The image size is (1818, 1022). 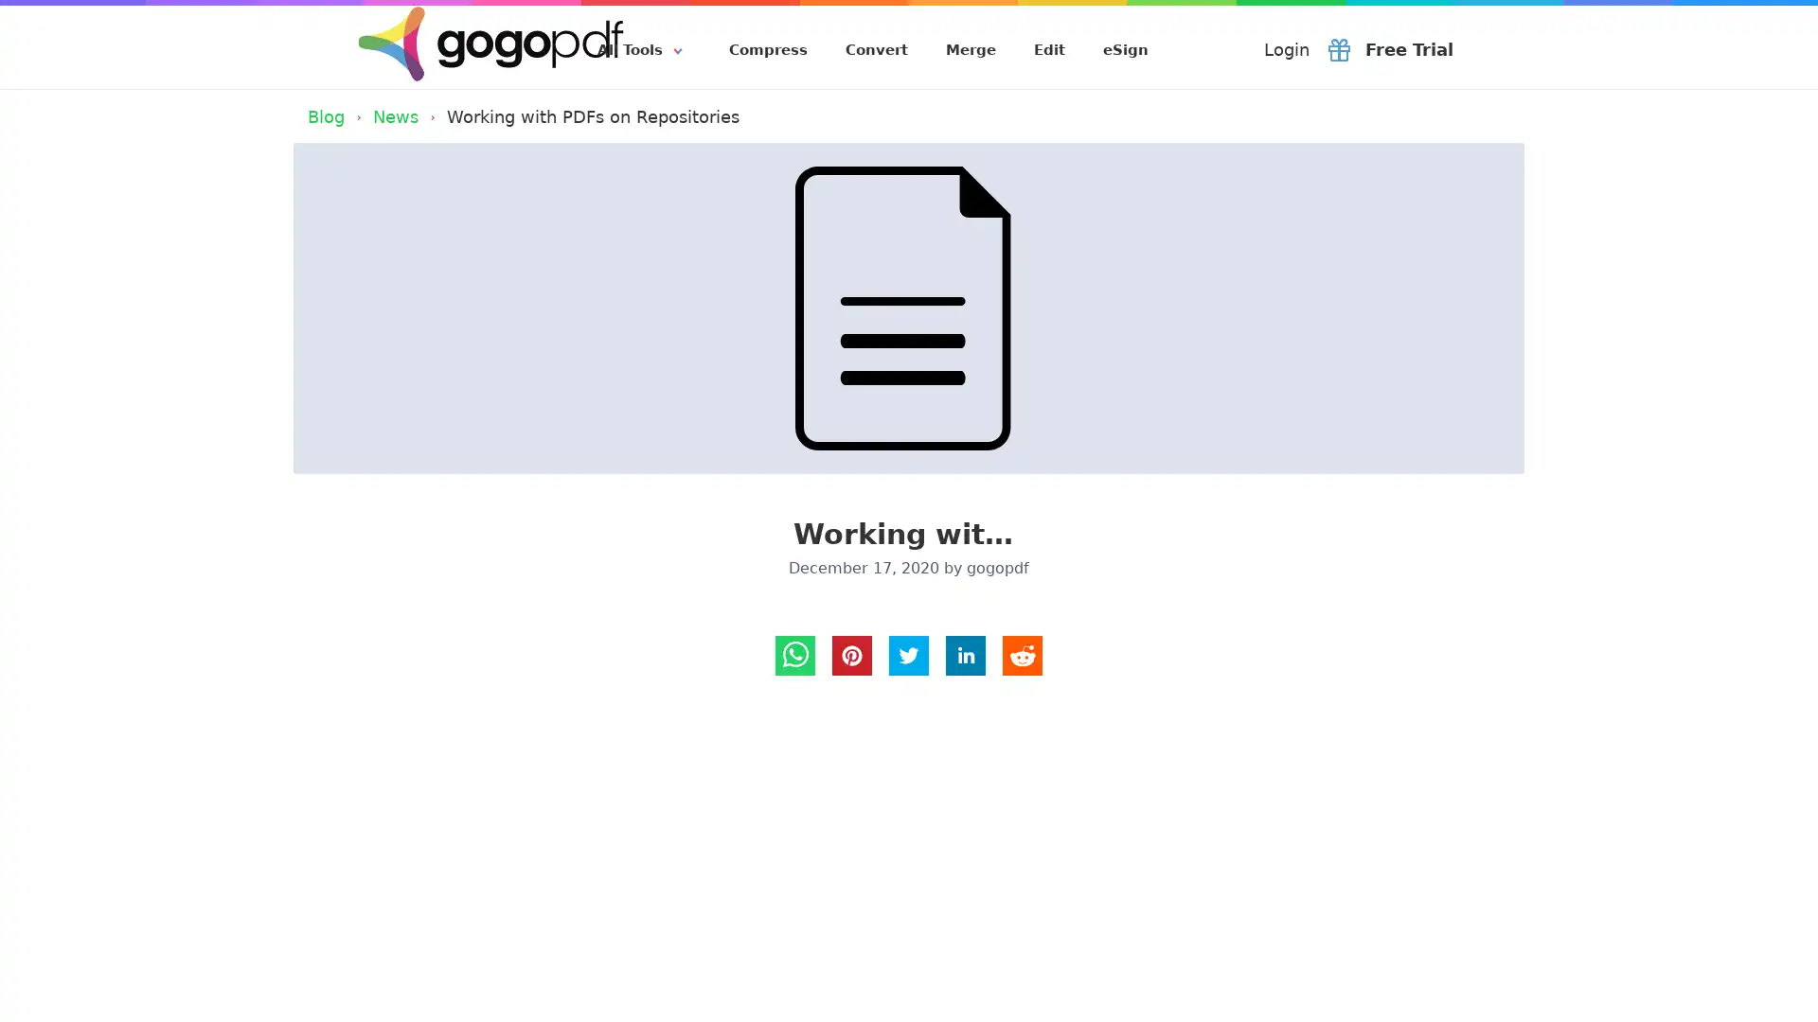 I want to click on Merge, so click(x=971, y=48).